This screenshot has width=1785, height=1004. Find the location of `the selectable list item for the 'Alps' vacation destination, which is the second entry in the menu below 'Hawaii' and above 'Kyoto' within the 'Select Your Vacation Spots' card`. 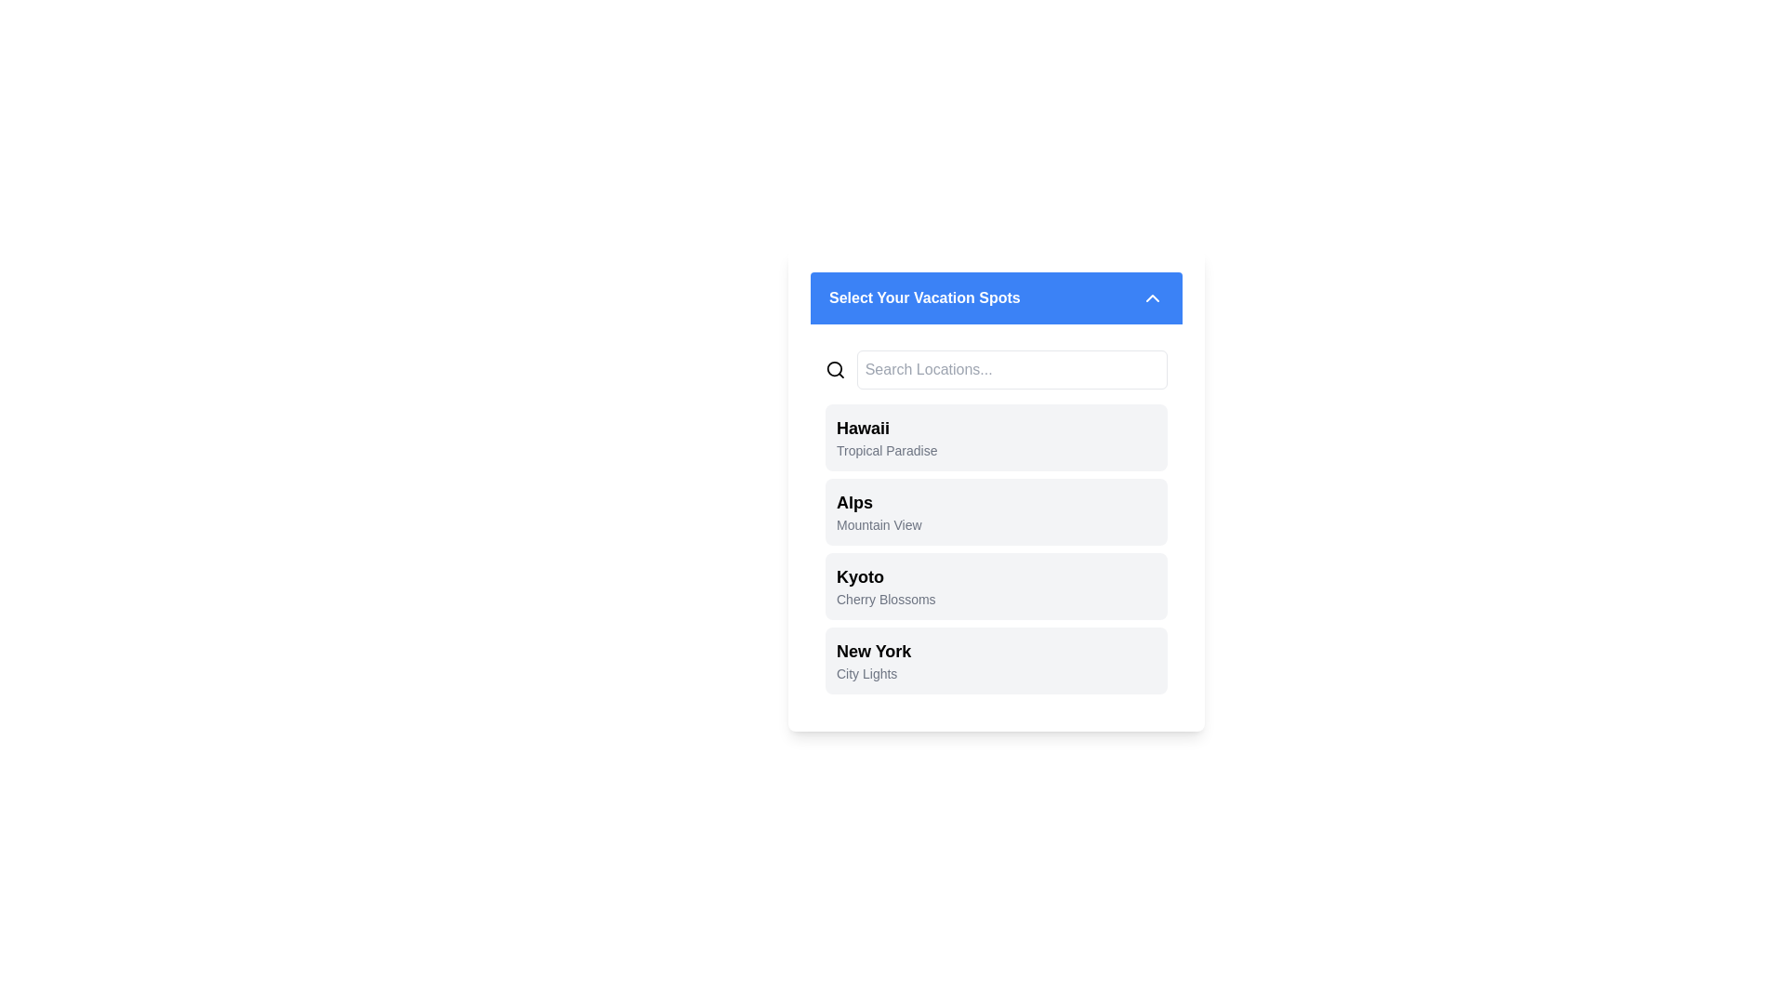

the selectable list item for the 'Alps' vacation destination, which is the second entry in the menu below 'Hawaii' and above 'Kyoto' within the 'Select Your Vacation Spots' card is located at coordinates (995, 516).